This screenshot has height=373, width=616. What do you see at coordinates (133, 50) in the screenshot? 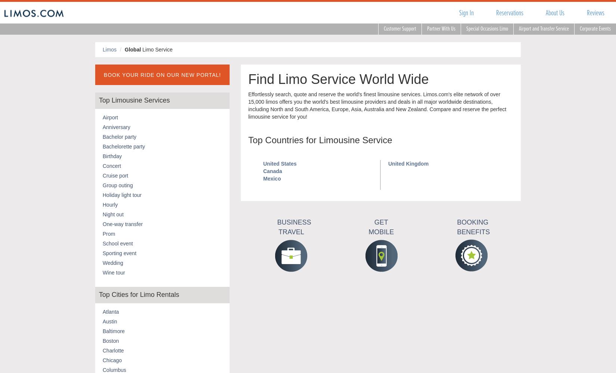
I see `'Global'` at bounding box center [133, 50].